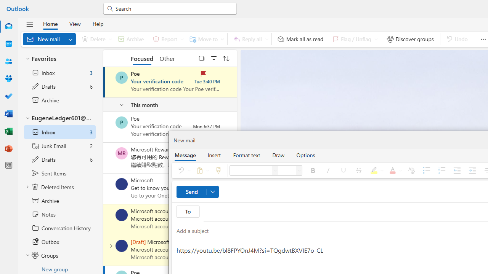 Image resolution: width=488 pixels, height=274 pixels. What do you see at coordinates (9, 61) in the screenshot?
I see `'People'` at bounding box center [9, 61].